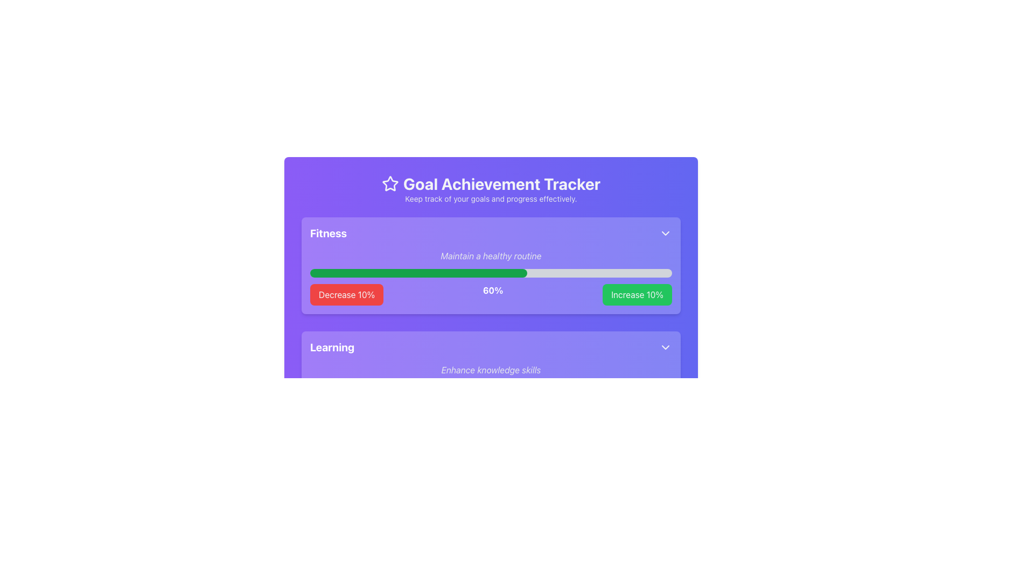 The image size is (1034, 581). What do you see at coordinates (346, 294) in the screenshot?
I see `the leftmost button in the 'Fitness' section to decrease the progress value by 10%` at bounding box center [346, 294].